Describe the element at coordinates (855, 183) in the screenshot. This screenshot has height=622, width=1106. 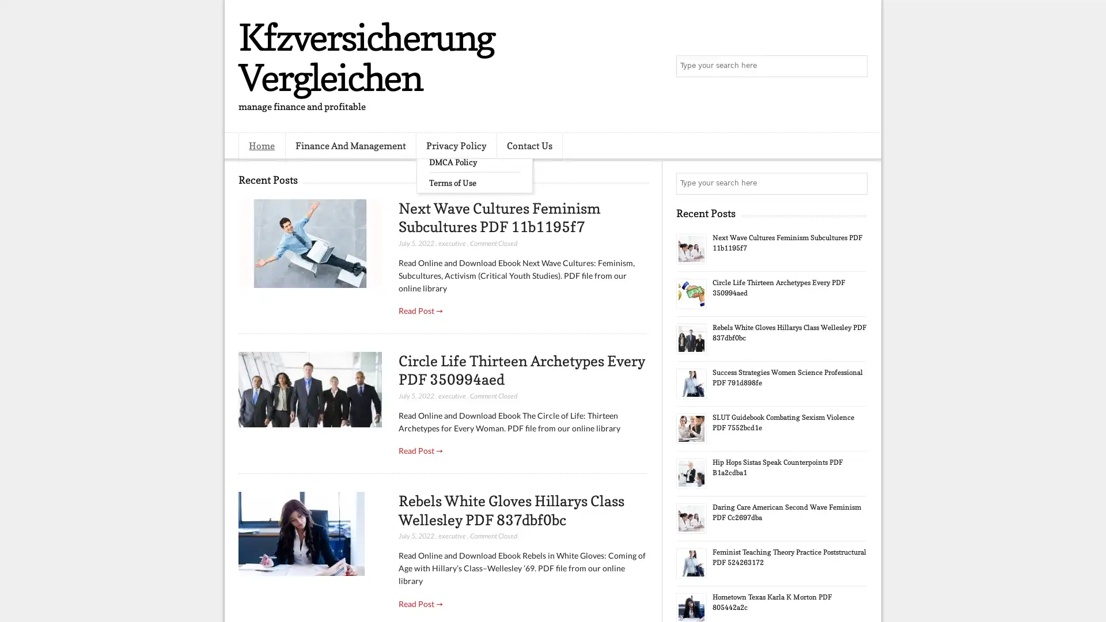
I see `Search` at that location.